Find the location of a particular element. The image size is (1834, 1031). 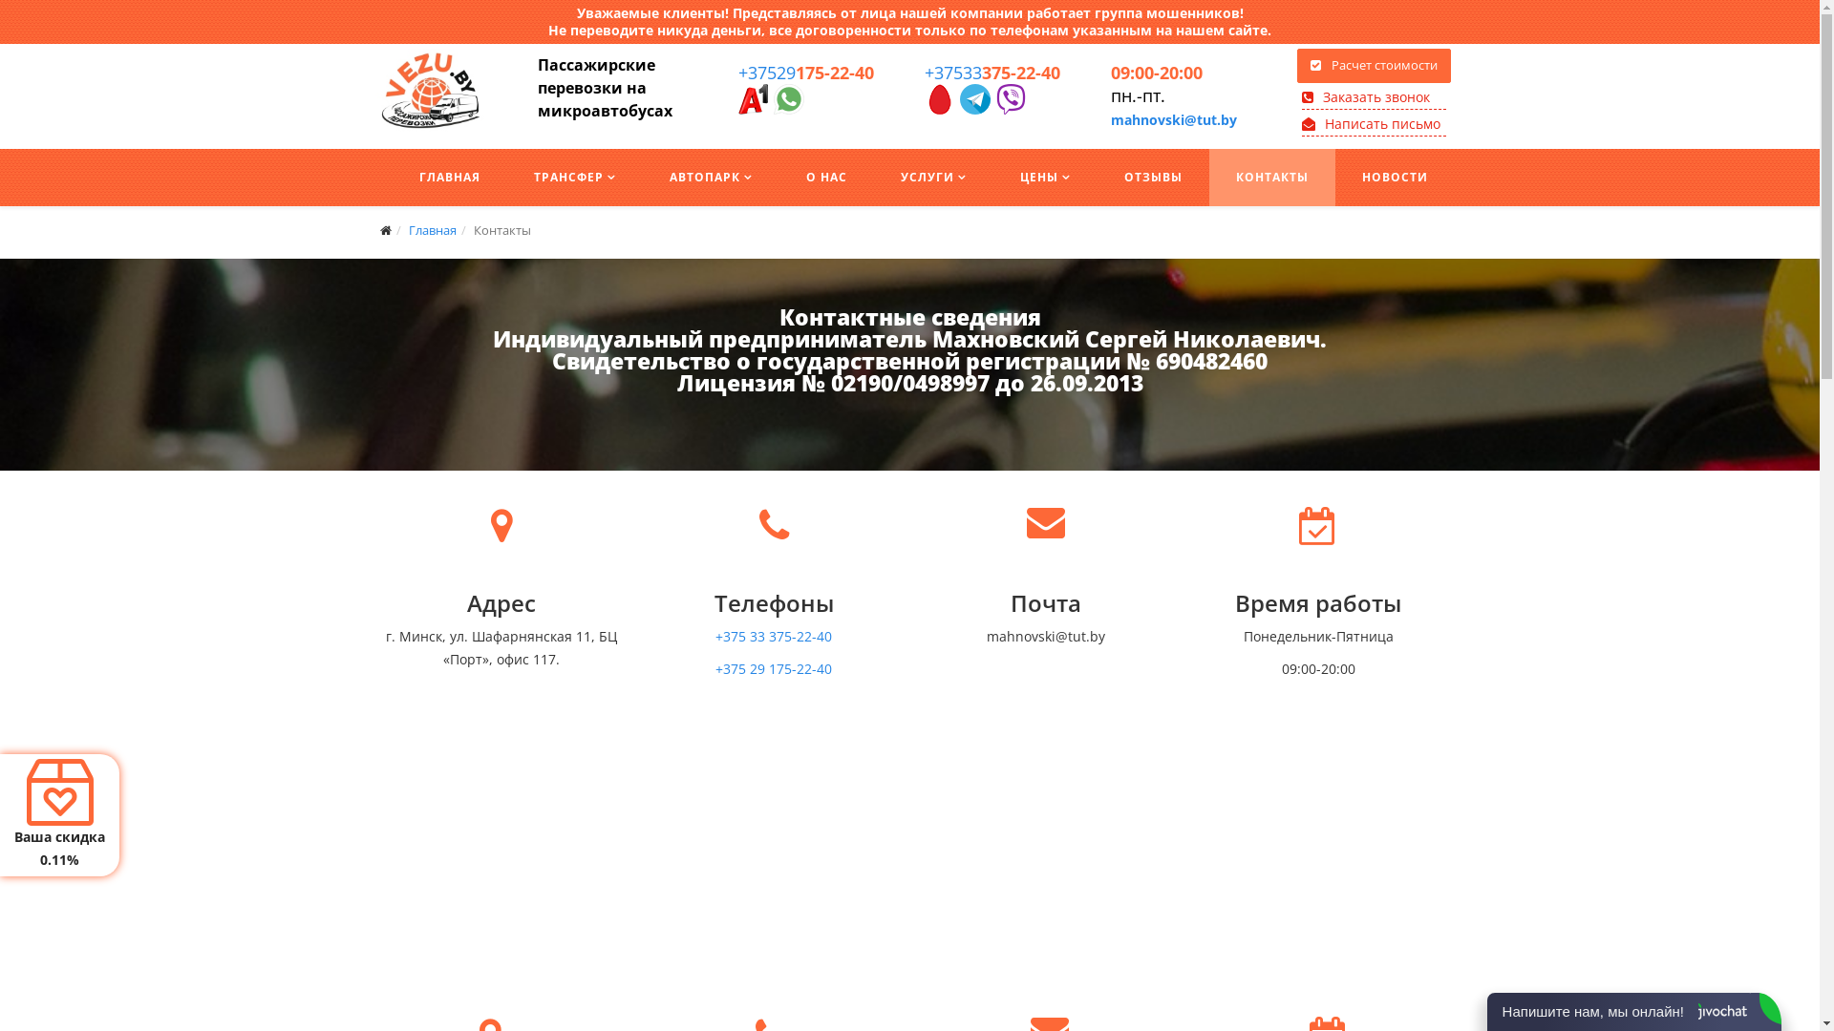

'+375 33 375-22-40' is located at coordinates (774, 636).